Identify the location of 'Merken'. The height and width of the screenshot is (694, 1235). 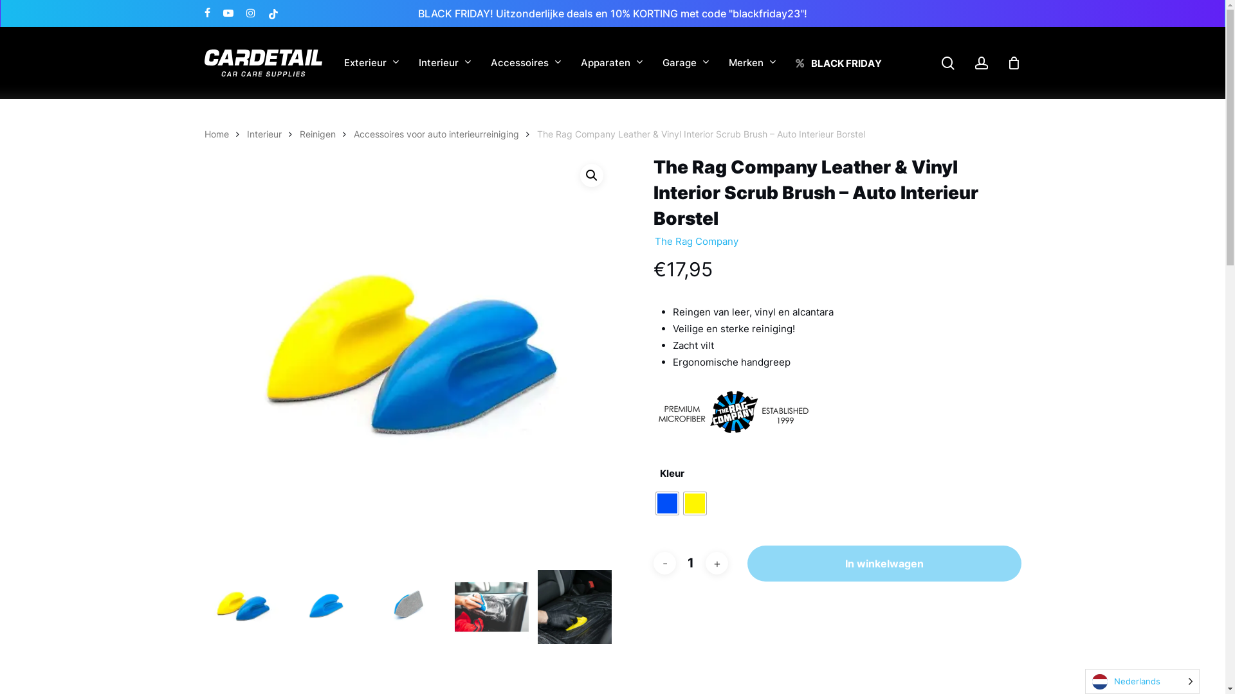
(752, 63).